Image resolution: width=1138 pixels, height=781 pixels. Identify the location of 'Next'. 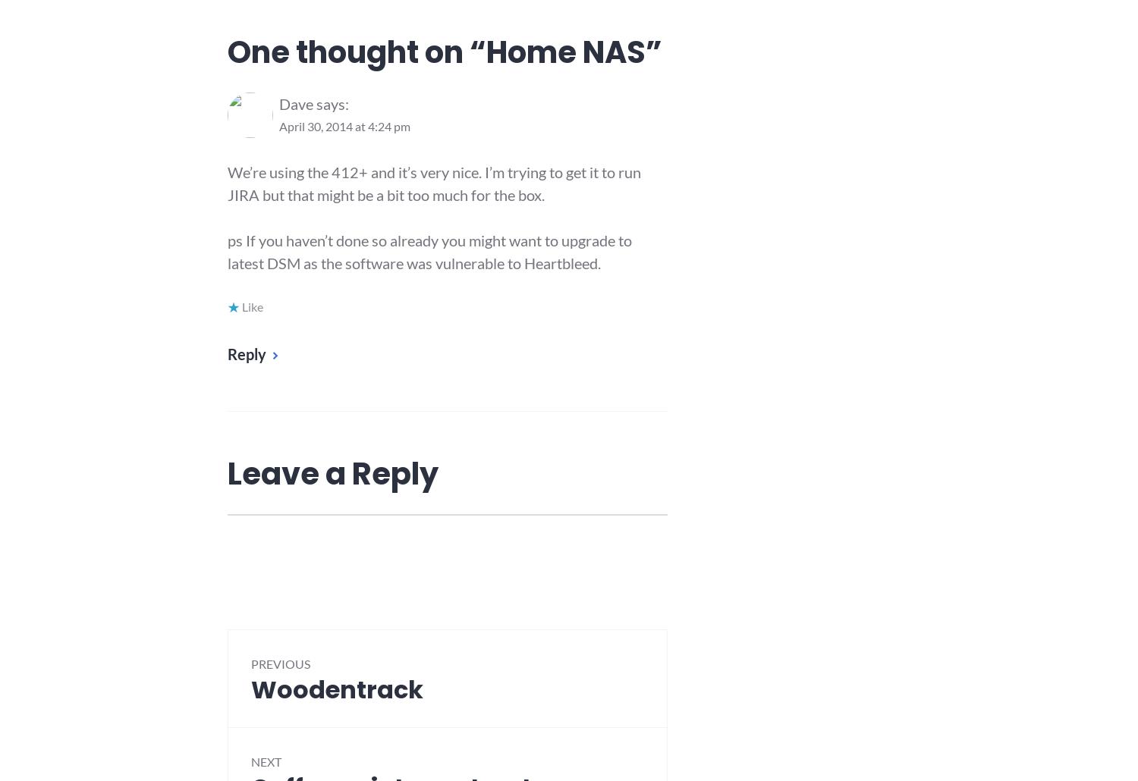
(266, 760).